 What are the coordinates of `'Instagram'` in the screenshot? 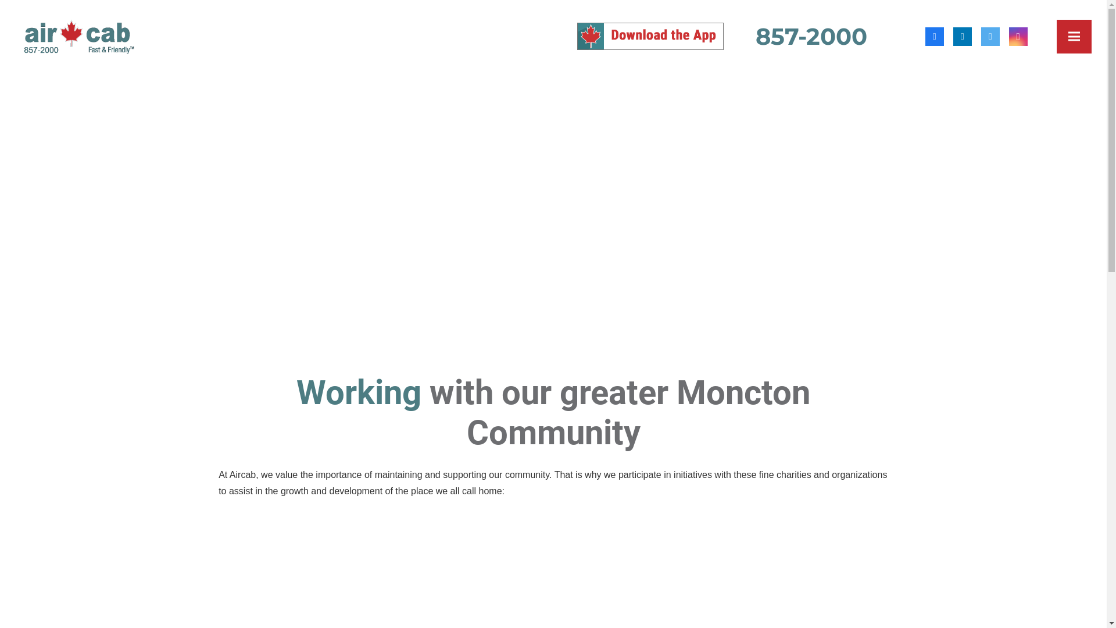 It's located at (1018, 35).